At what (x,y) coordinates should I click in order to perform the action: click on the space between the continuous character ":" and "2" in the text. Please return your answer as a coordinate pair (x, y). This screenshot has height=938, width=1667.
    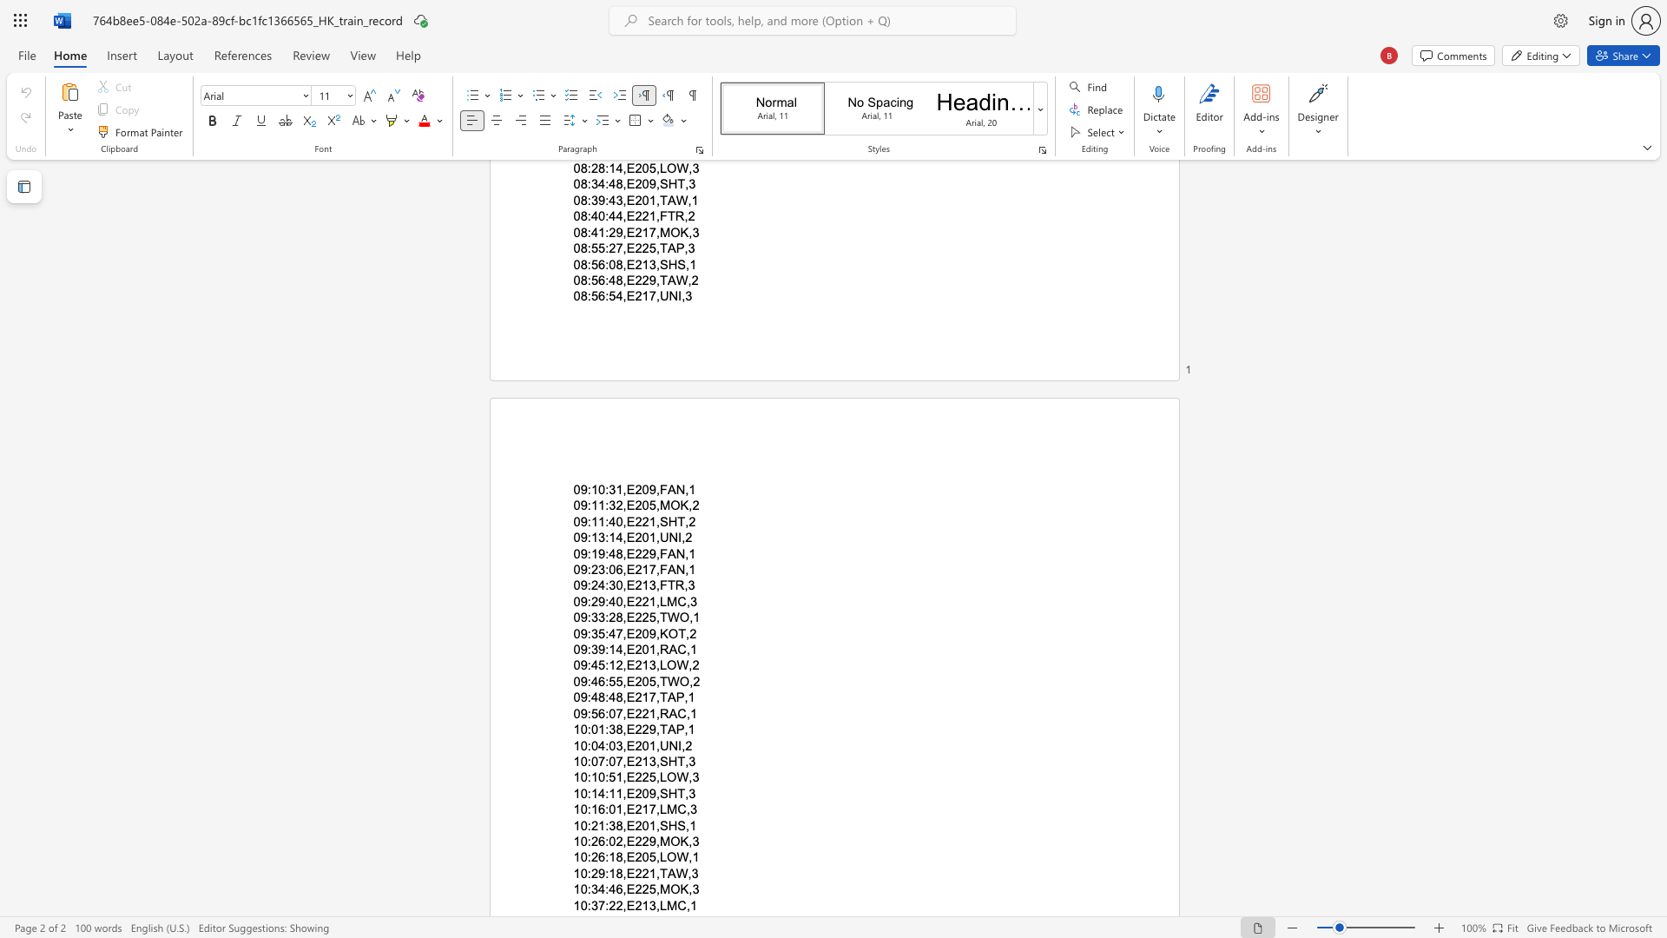
    Looking at the image, I should click on (591, 569).